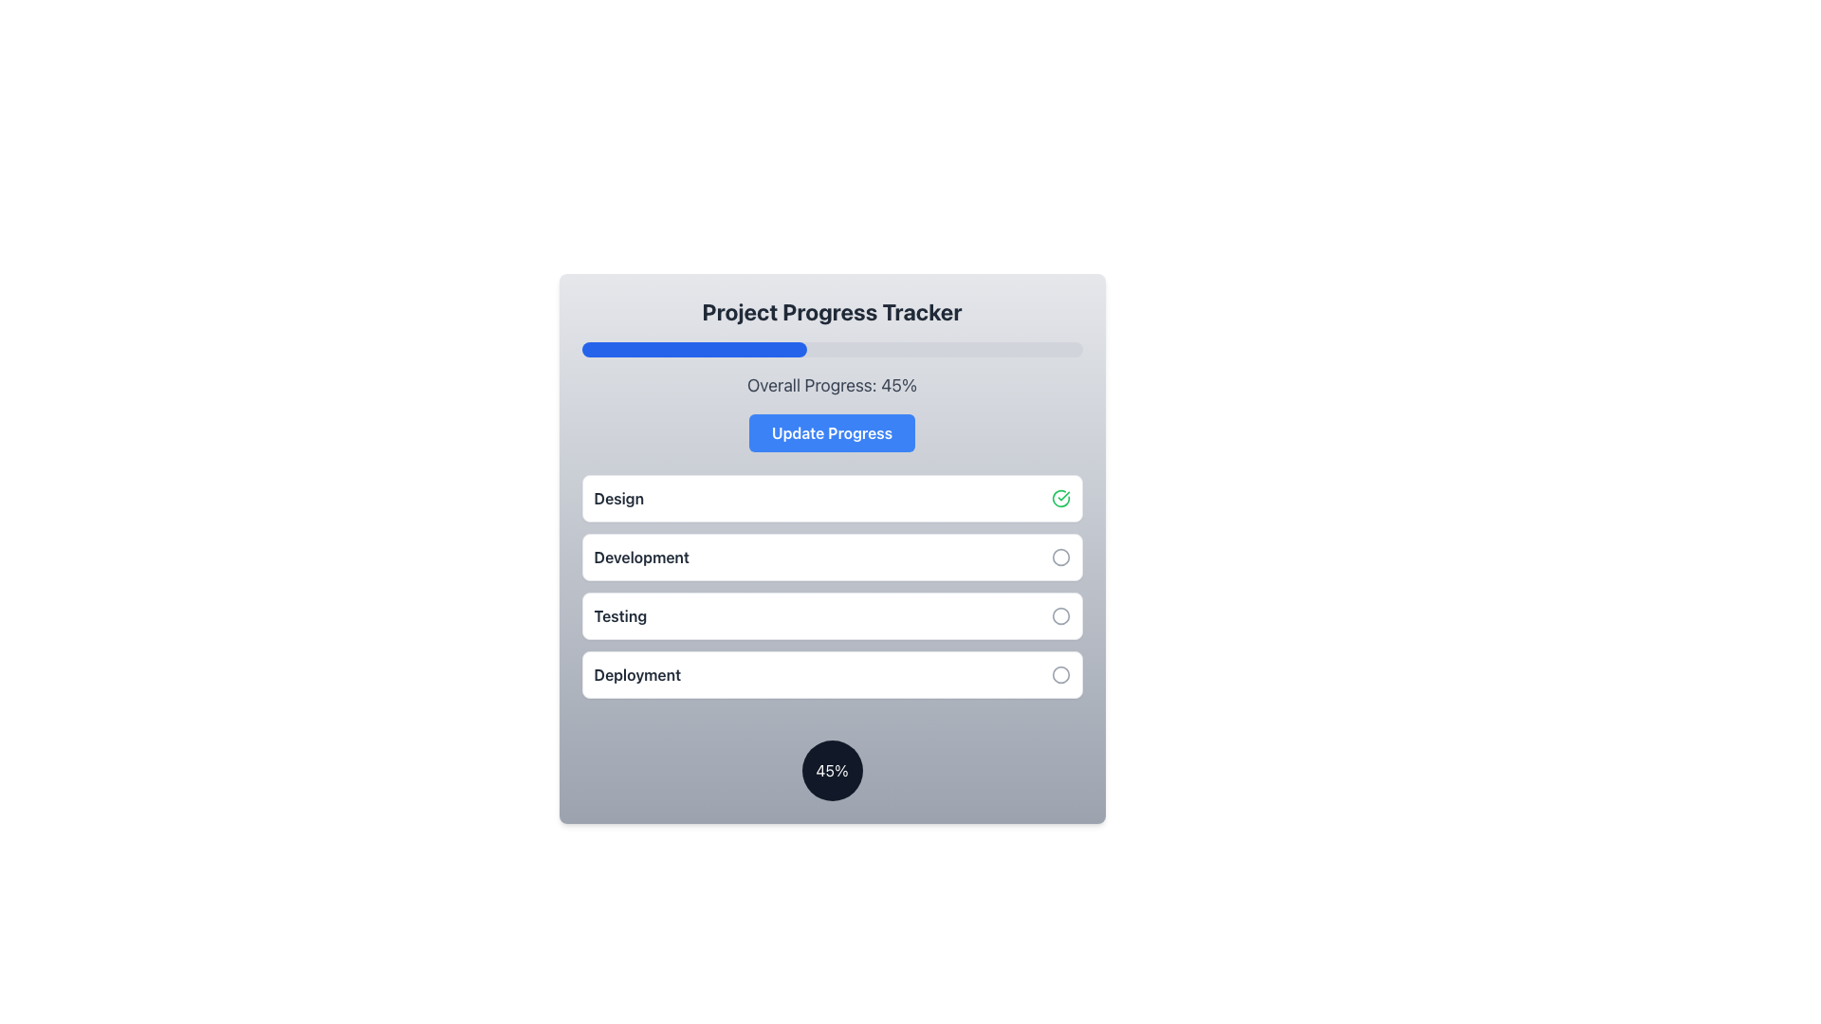 This screenshot has width=1821, height=1024. I want to click on the Circular SVG icon with a gray outline located to the right of the 'Development' label in the project status list, so click(1059, 556).